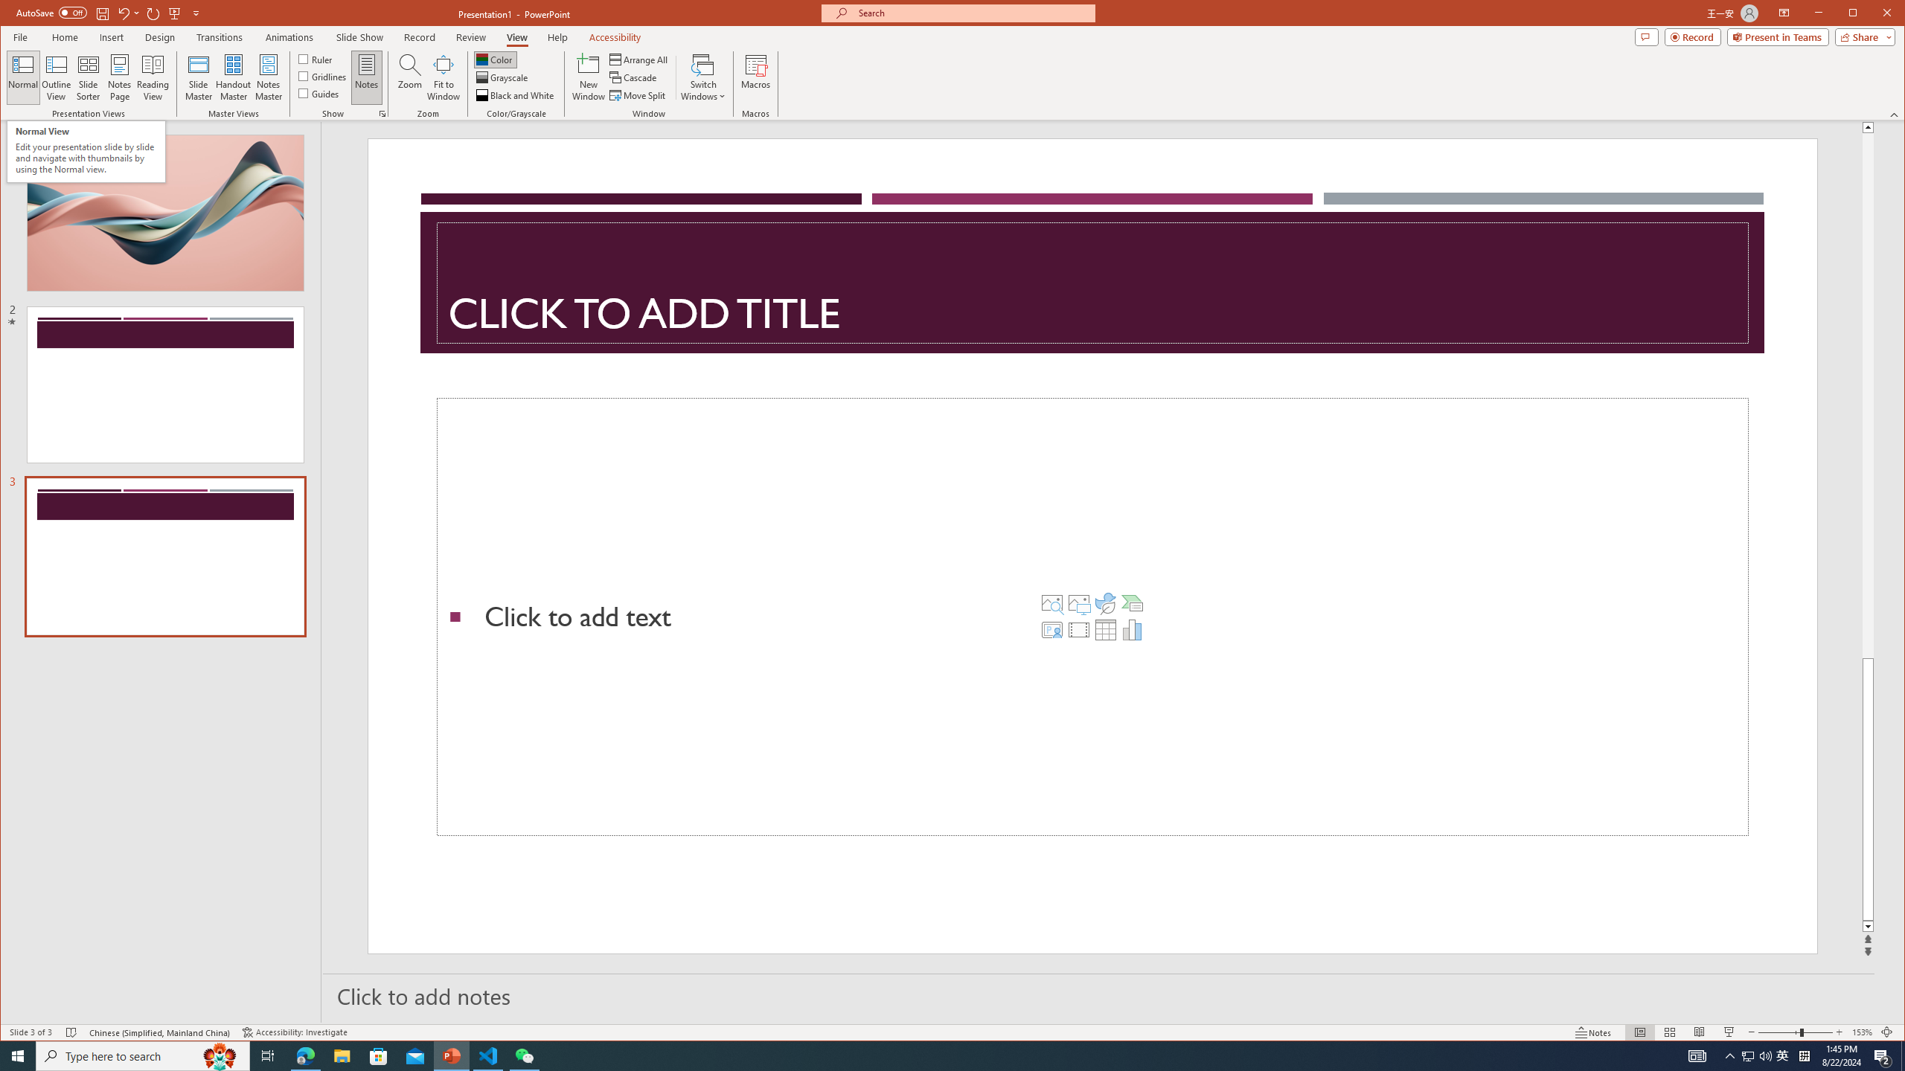  What do you see at coordinates (755, 77) in the screenshot?
I see `'Macros'` at bounding box center [755, 77].